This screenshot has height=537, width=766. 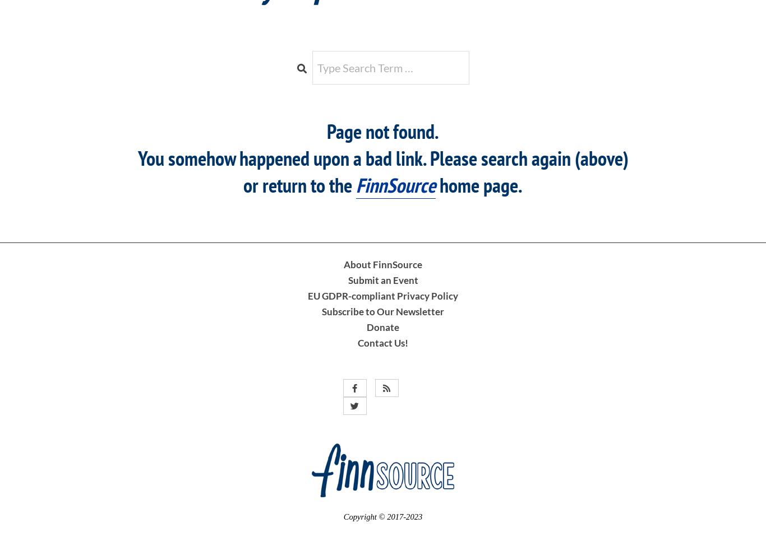 What do you see at coordinates (383, 295) in the screenshot?
I see `'EU GDPR-compliant Privacy Policy'` at bounding box center [383, 295].